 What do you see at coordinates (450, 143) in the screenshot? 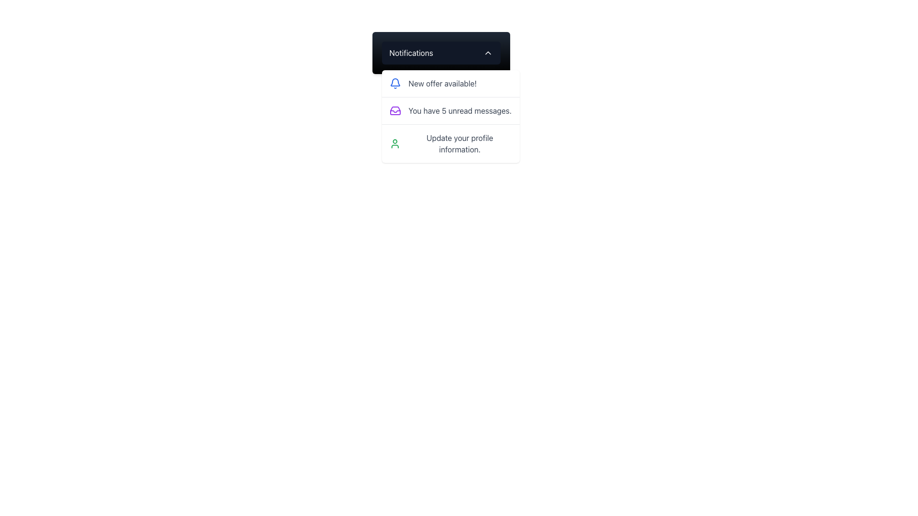
I see `the third notification item in the dropdown menu that provides options or information for updating profile details` at bounding box center [450, 143].